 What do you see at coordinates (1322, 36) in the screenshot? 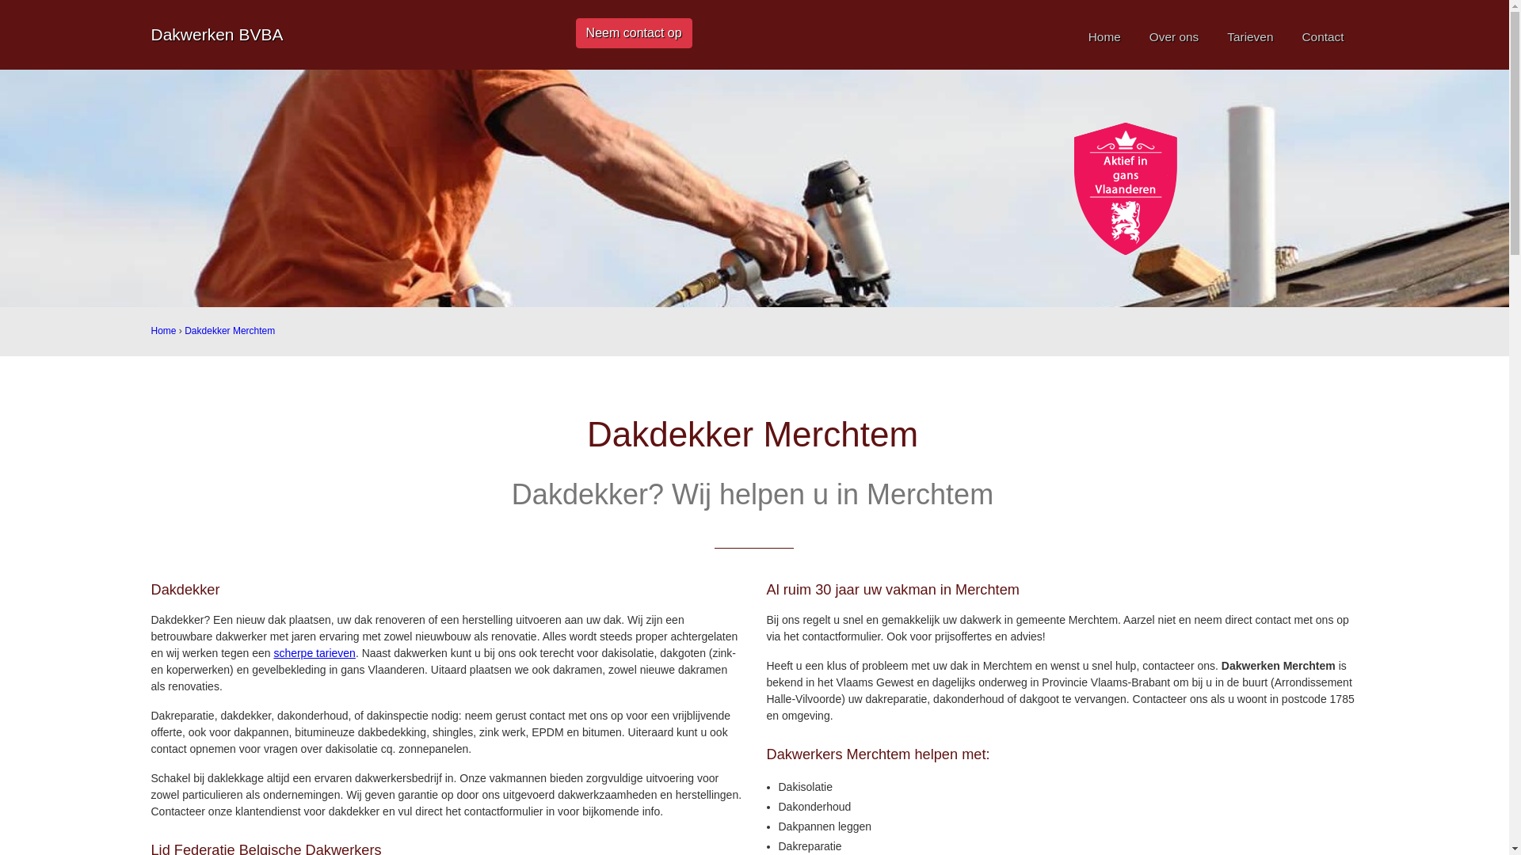
I see `'Contact'` at bounding box center [1322, 36].